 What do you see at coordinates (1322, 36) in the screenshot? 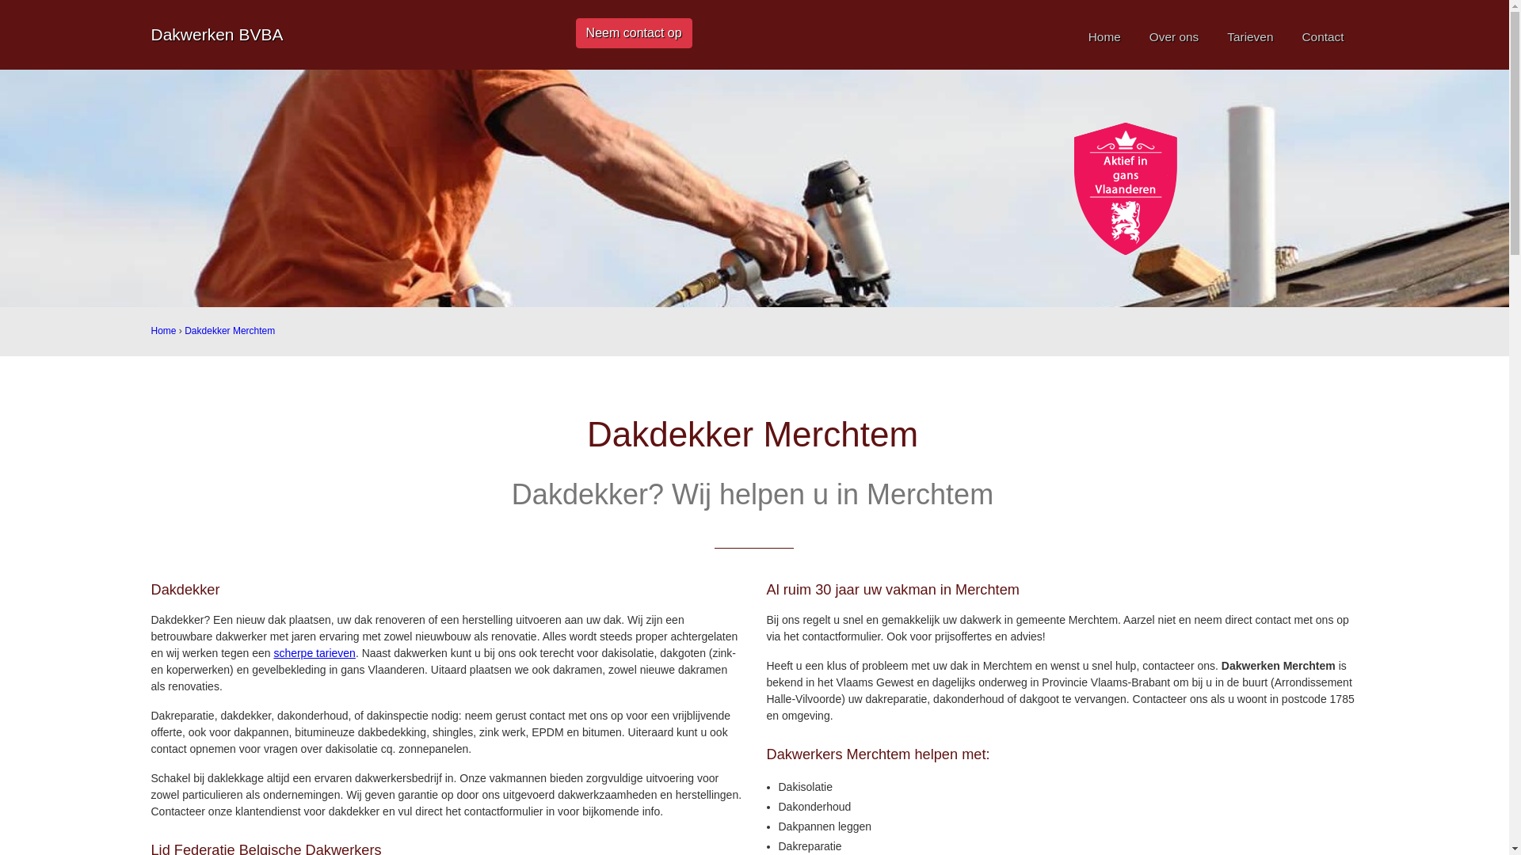
I see `'Contact'` at bounding box center [1322, 36].